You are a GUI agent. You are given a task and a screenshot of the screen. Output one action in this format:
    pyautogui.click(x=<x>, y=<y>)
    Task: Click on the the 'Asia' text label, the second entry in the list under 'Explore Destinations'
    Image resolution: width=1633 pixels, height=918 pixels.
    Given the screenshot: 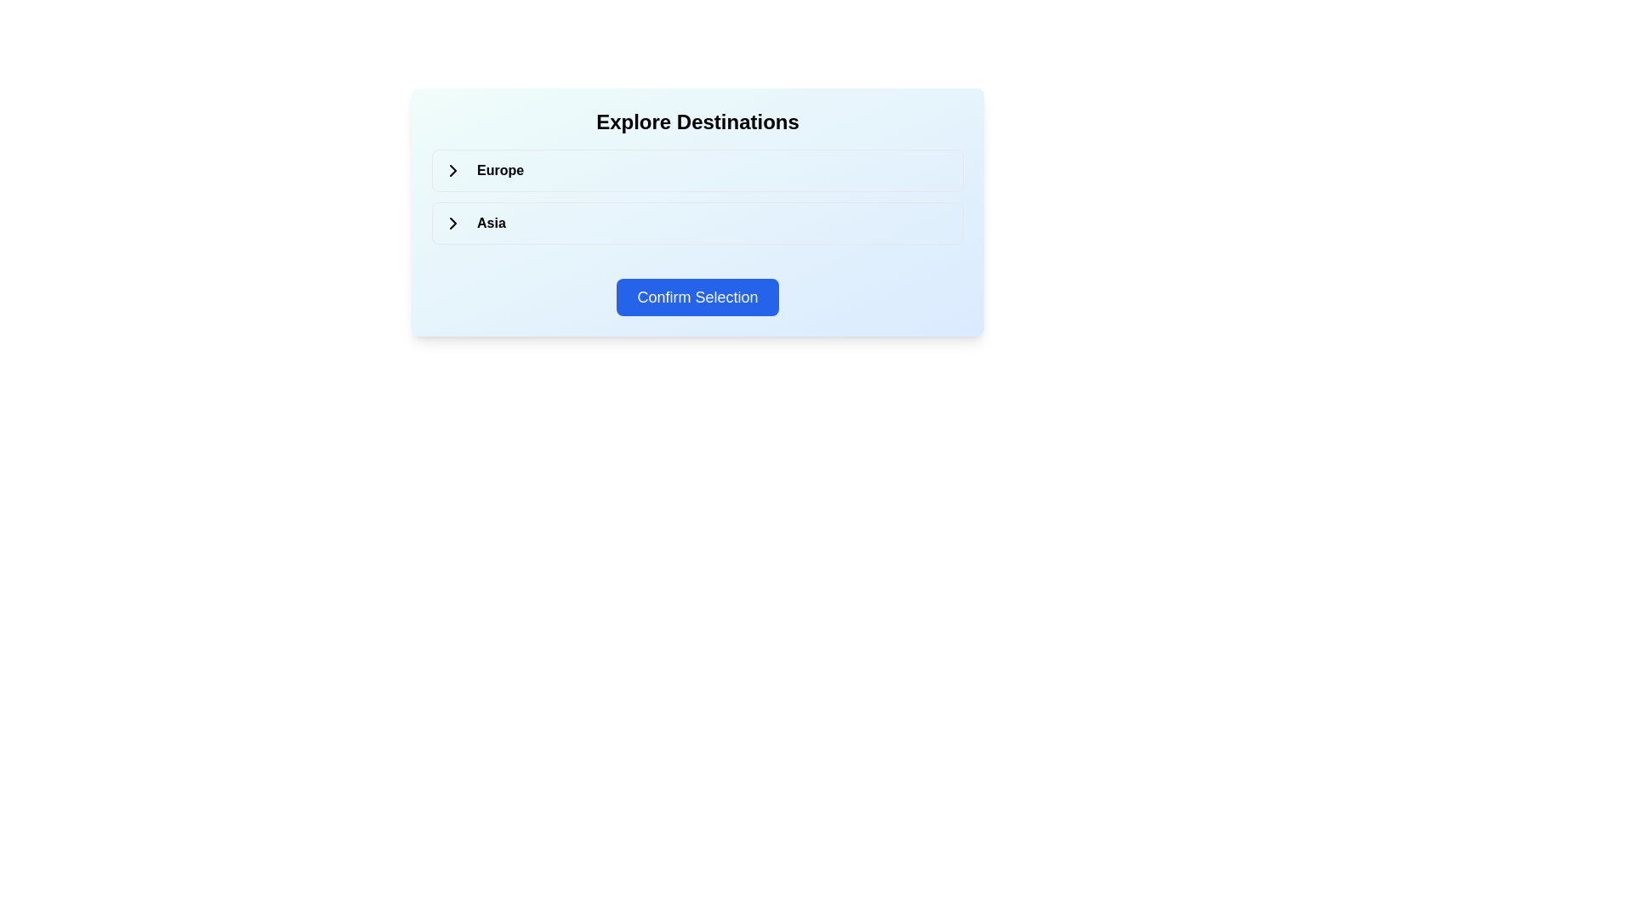 What is the action you would take?
    pyautogui.click(x=486, y=222)
    